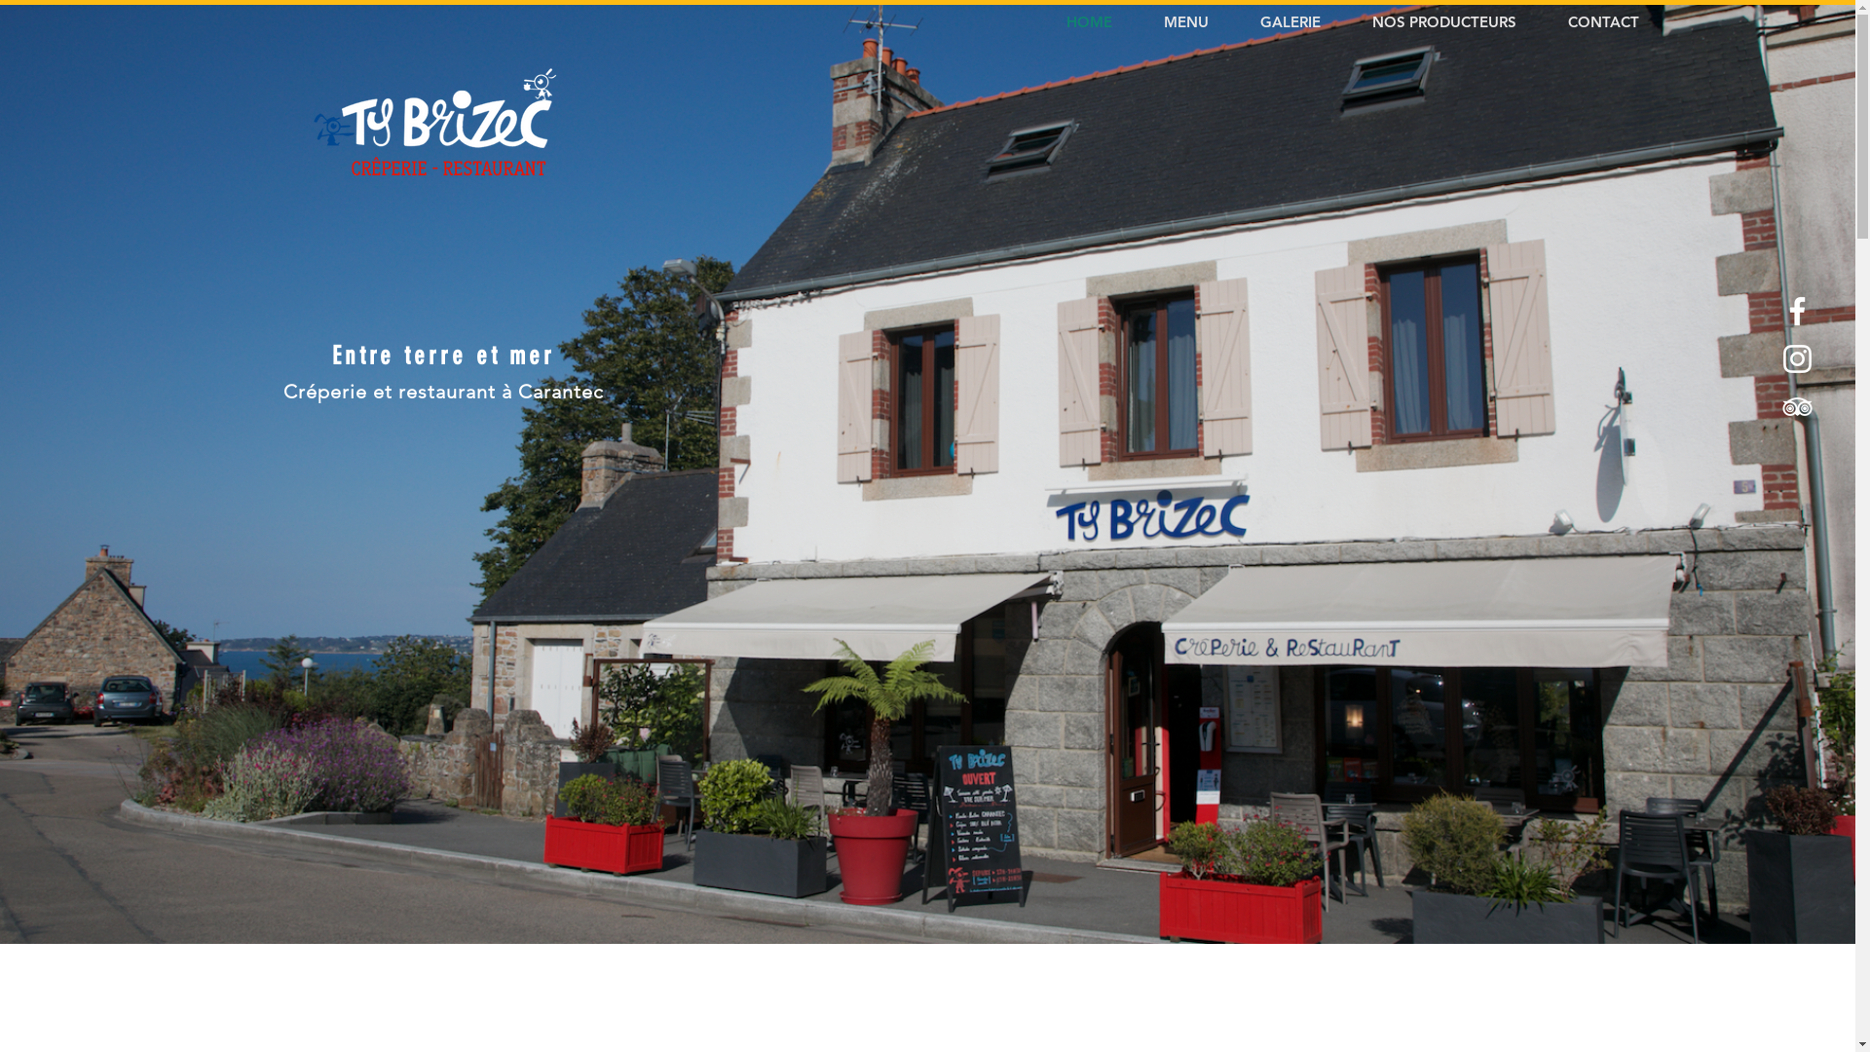 This screenshot has width=1870, height=1052. I want to click on 'CONTACT', so click(1614, 21).